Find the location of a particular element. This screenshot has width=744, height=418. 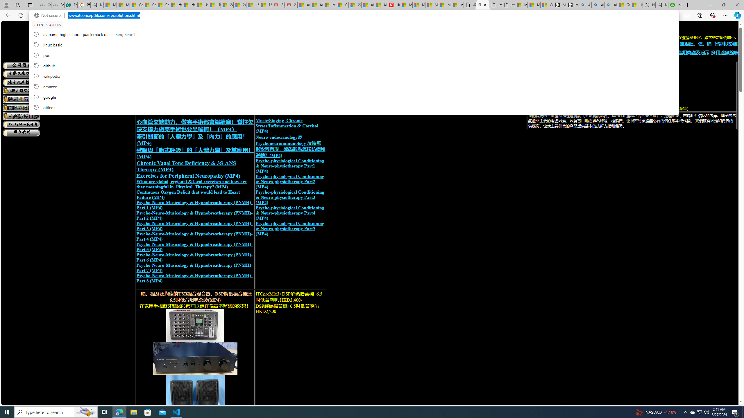

'Music/Singing, Chronic Stress/Inflammation & Cortisol (MP4)' is located at coordinates (287, 125).